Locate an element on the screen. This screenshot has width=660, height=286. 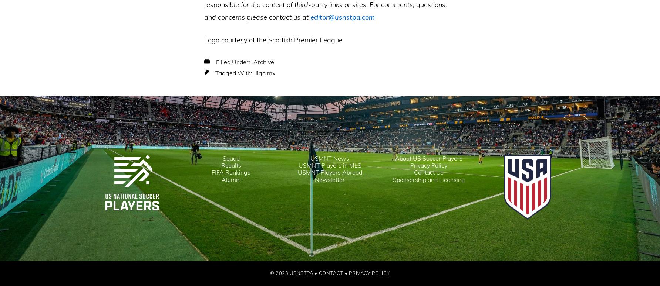
'liga mx' is located at coordinates (265, 73).